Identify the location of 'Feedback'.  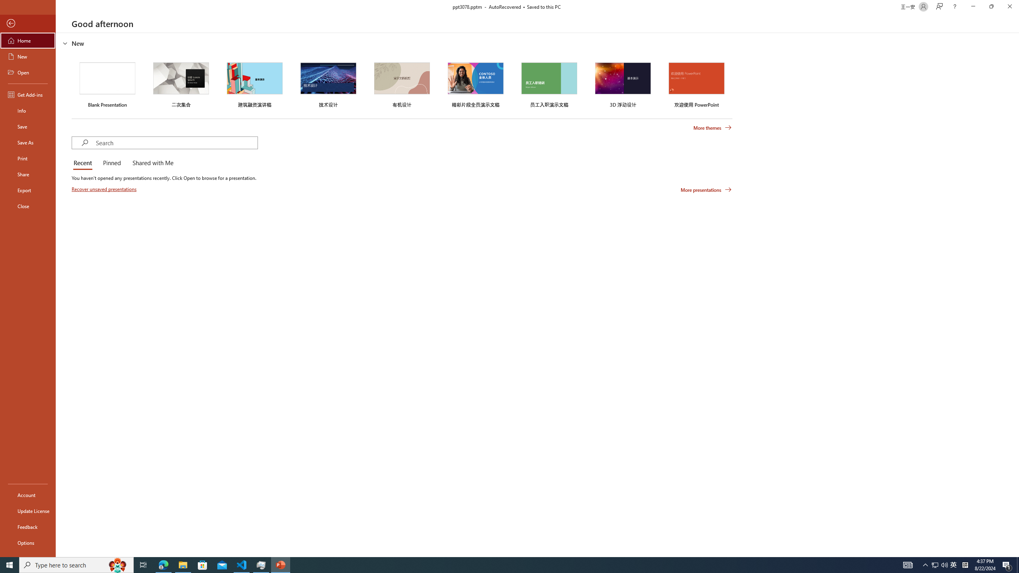
(27, 527).